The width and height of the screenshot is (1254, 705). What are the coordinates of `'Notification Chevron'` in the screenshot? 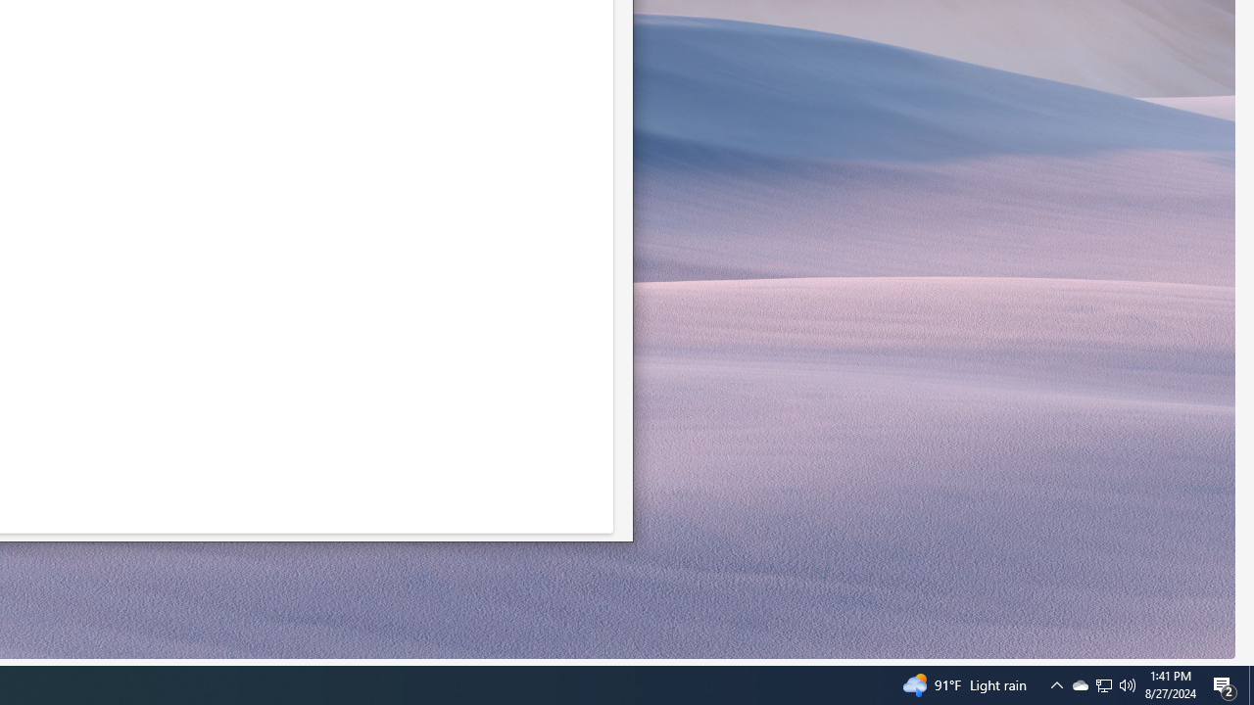 It's located at (1104, 683).